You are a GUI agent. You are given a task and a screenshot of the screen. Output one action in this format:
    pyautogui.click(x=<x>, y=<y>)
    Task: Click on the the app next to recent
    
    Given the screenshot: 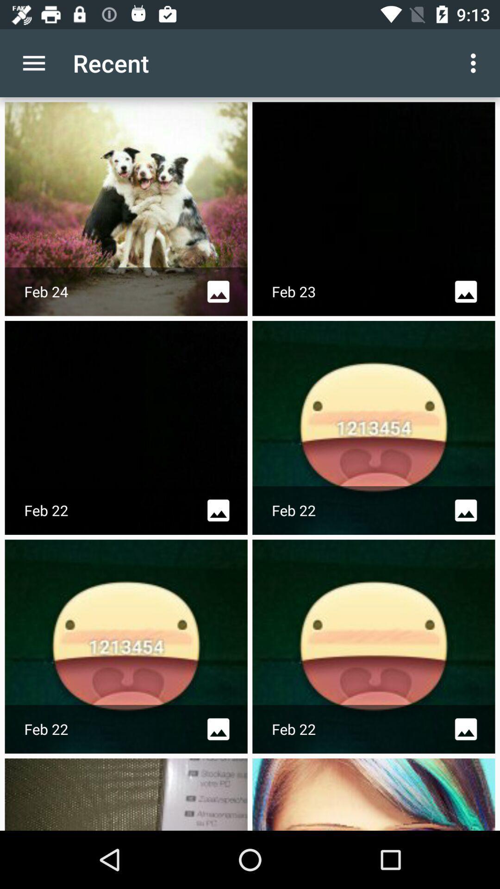 What is the action you would take?
    pyautogui.click(x=33, y=63)
    